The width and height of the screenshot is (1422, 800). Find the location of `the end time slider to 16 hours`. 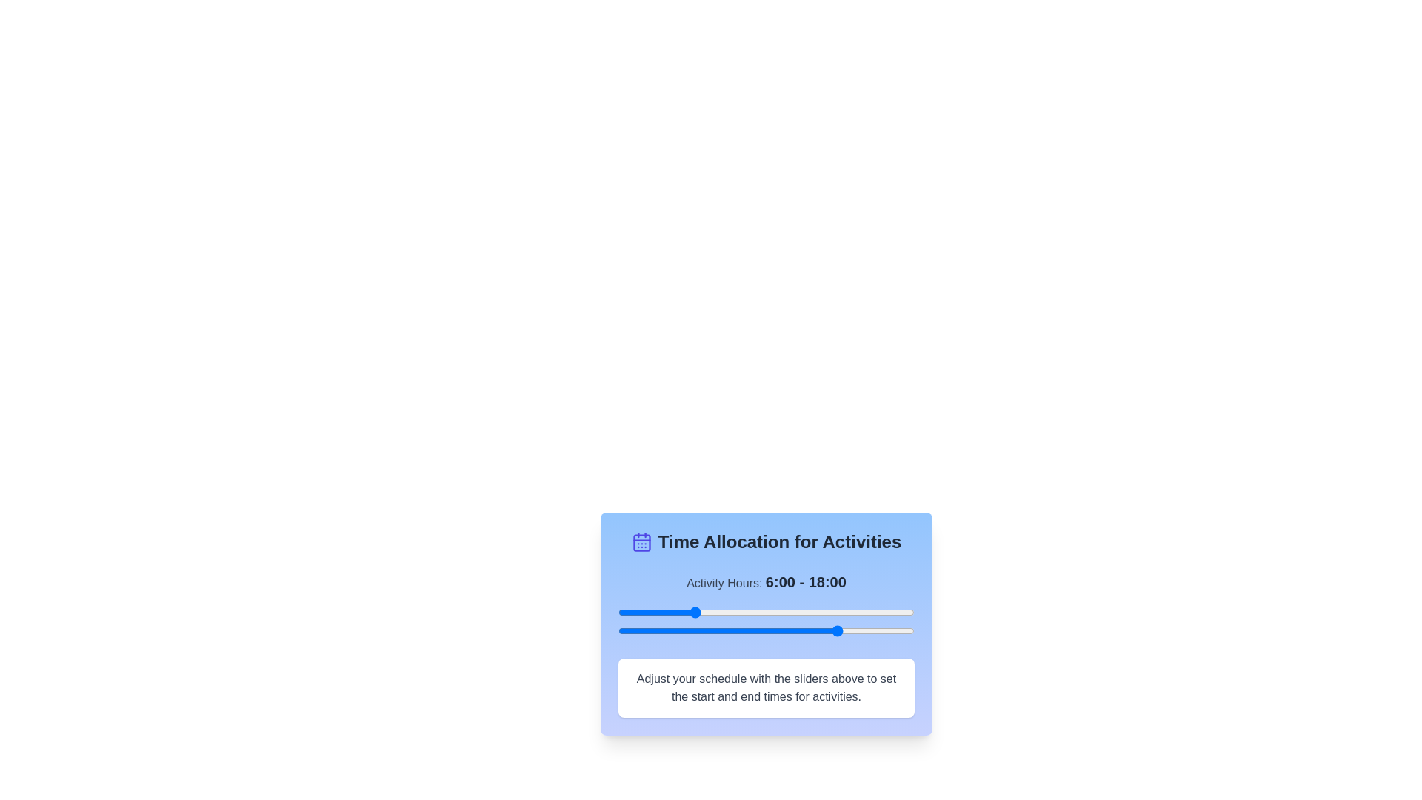

the end time slider to 16 hours is located at coordinates (815, 631).